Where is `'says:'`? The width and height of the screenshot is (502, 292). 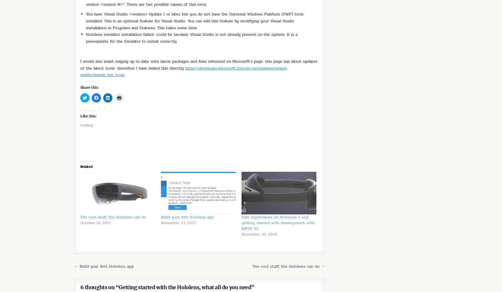 'says:' is located at coordinates (126, 284).